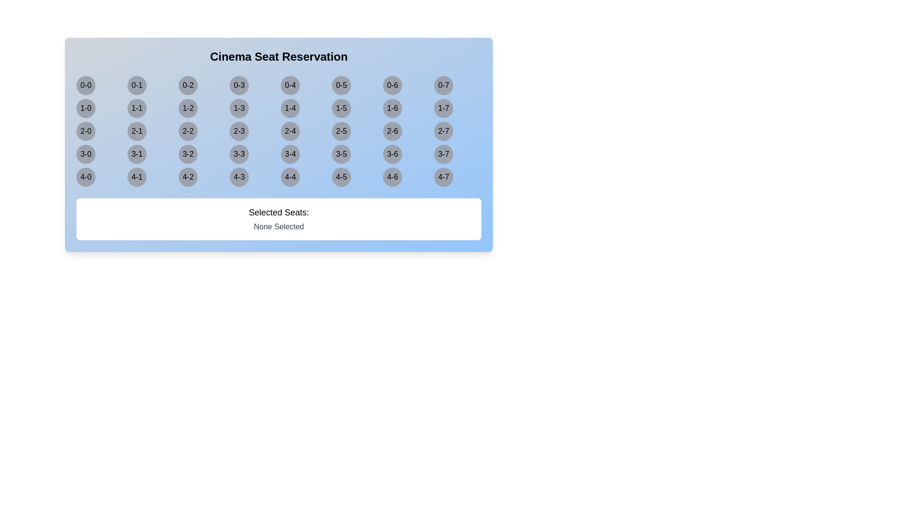  What do you see at coordinates (443, 85) in the screenshot?
I see `the circular button labeled '0-7' located in the top-right corner of the grid layout` at bounding box center [443, 85].